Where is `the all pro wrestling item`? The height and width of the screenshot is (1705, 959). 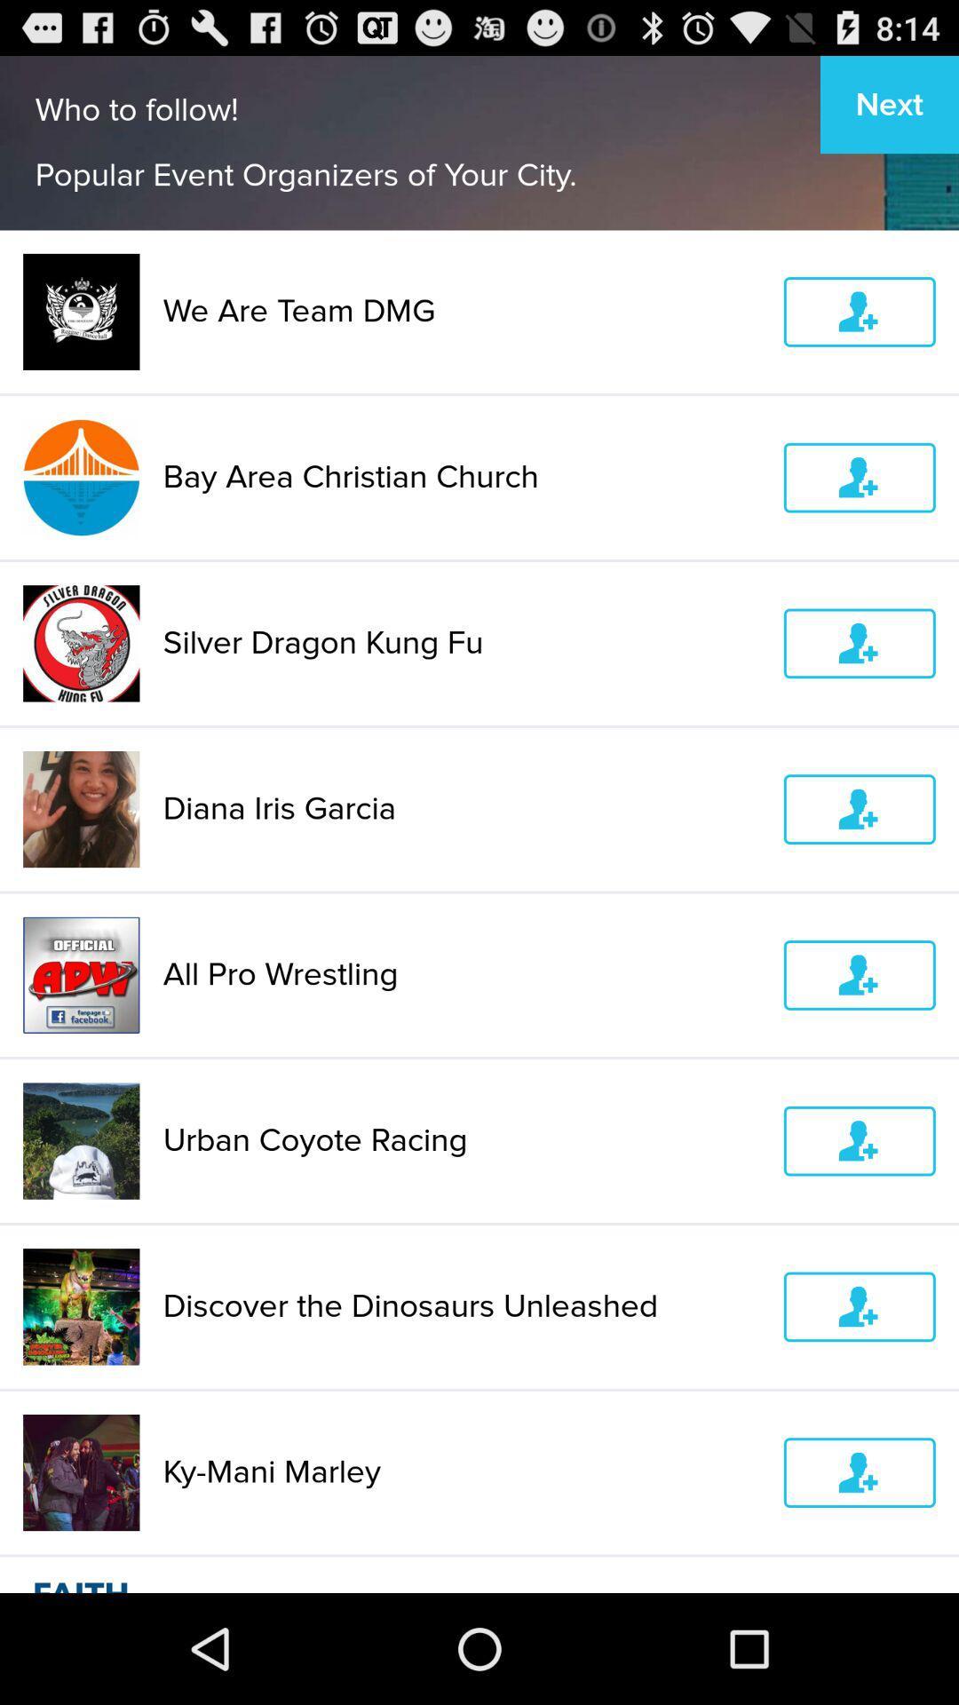 the all pro wrestling item is located at coordinates (461, 974).